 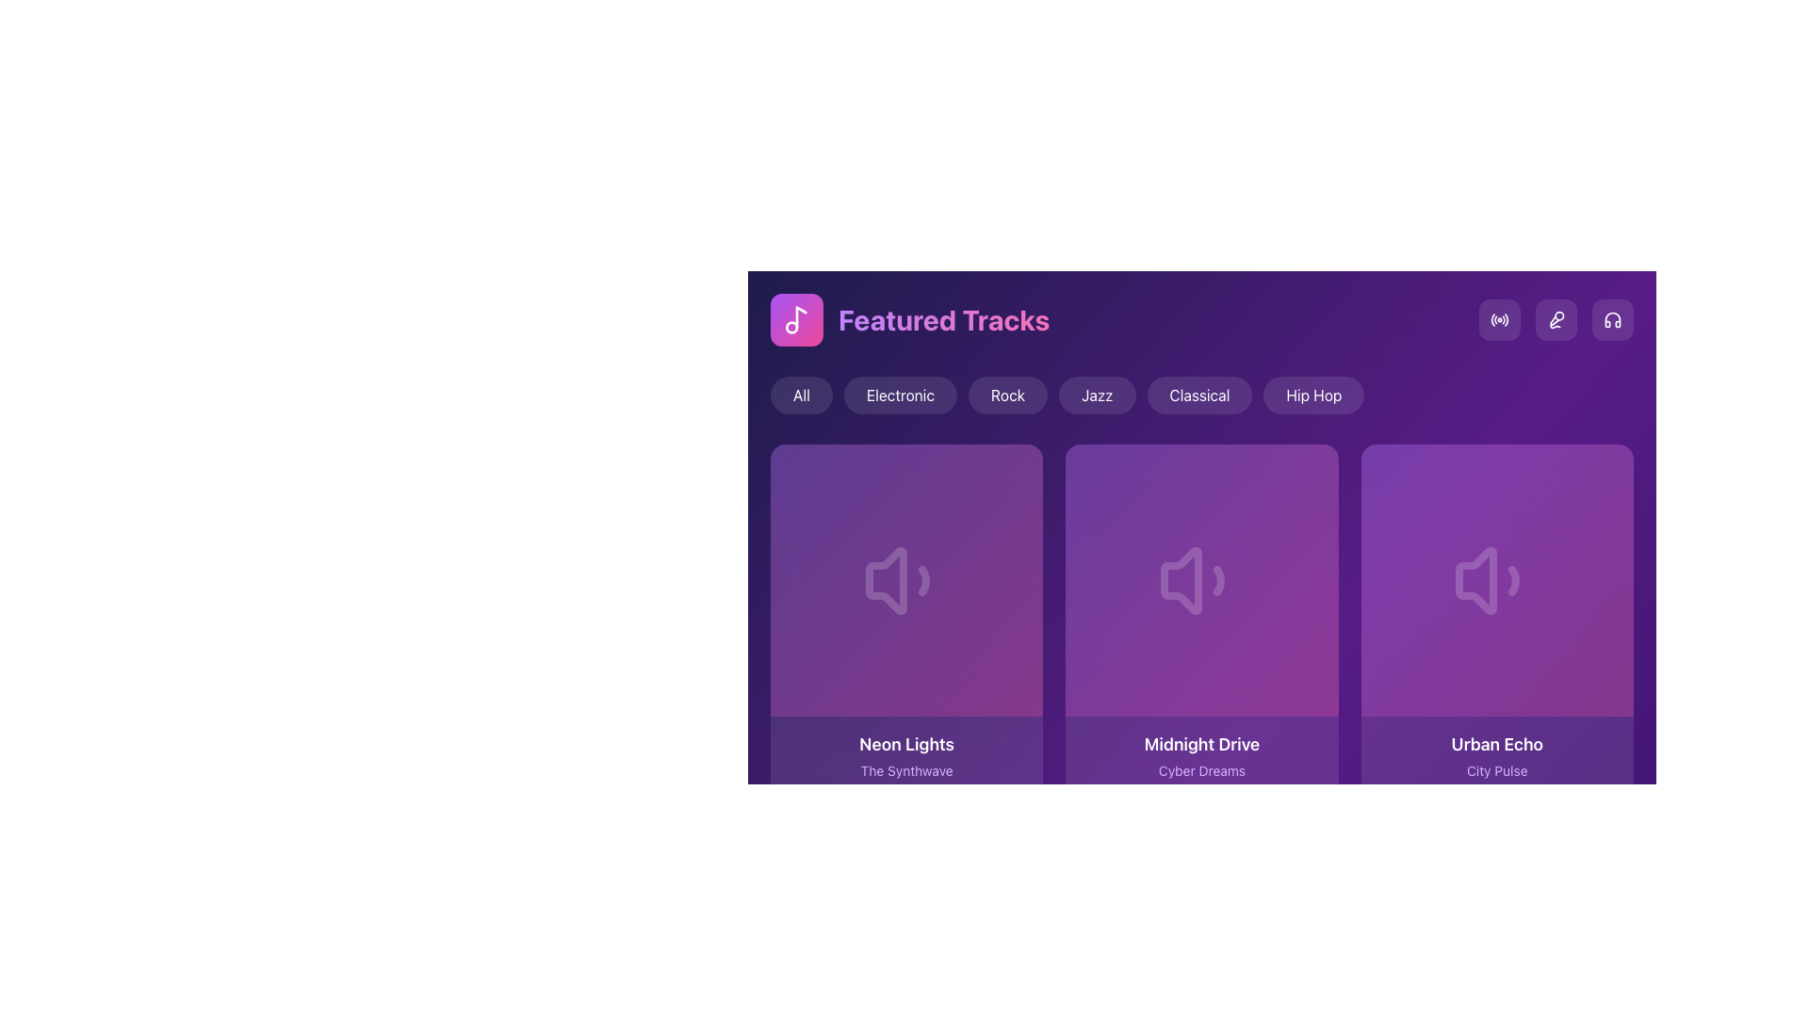 What do you see at coordinates (1496, 579) in the screenshot?
I see `the audio-related feature element located in the third column of the current row in a grid-like structure` at bounding box center [1496, 579].